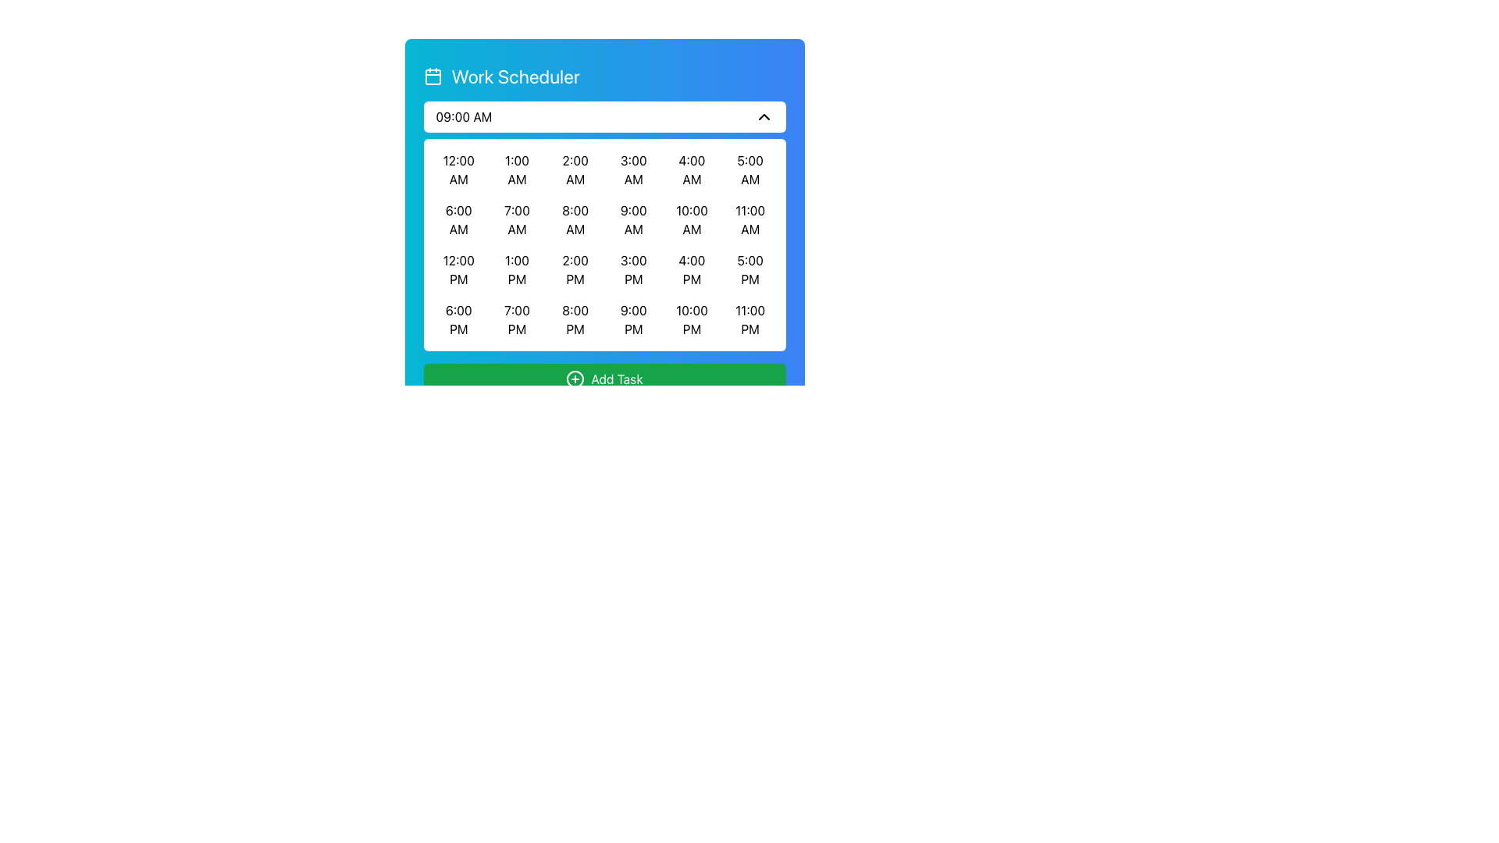 This screenshot has height=843, width=1499. What do you see at coordinates (517, 269) in the screenshot?
I see `the '1:00 PM' time selection button located in the third row and second column of the 'Work Scheduler' grid layout` at bounding box center [517, 269].